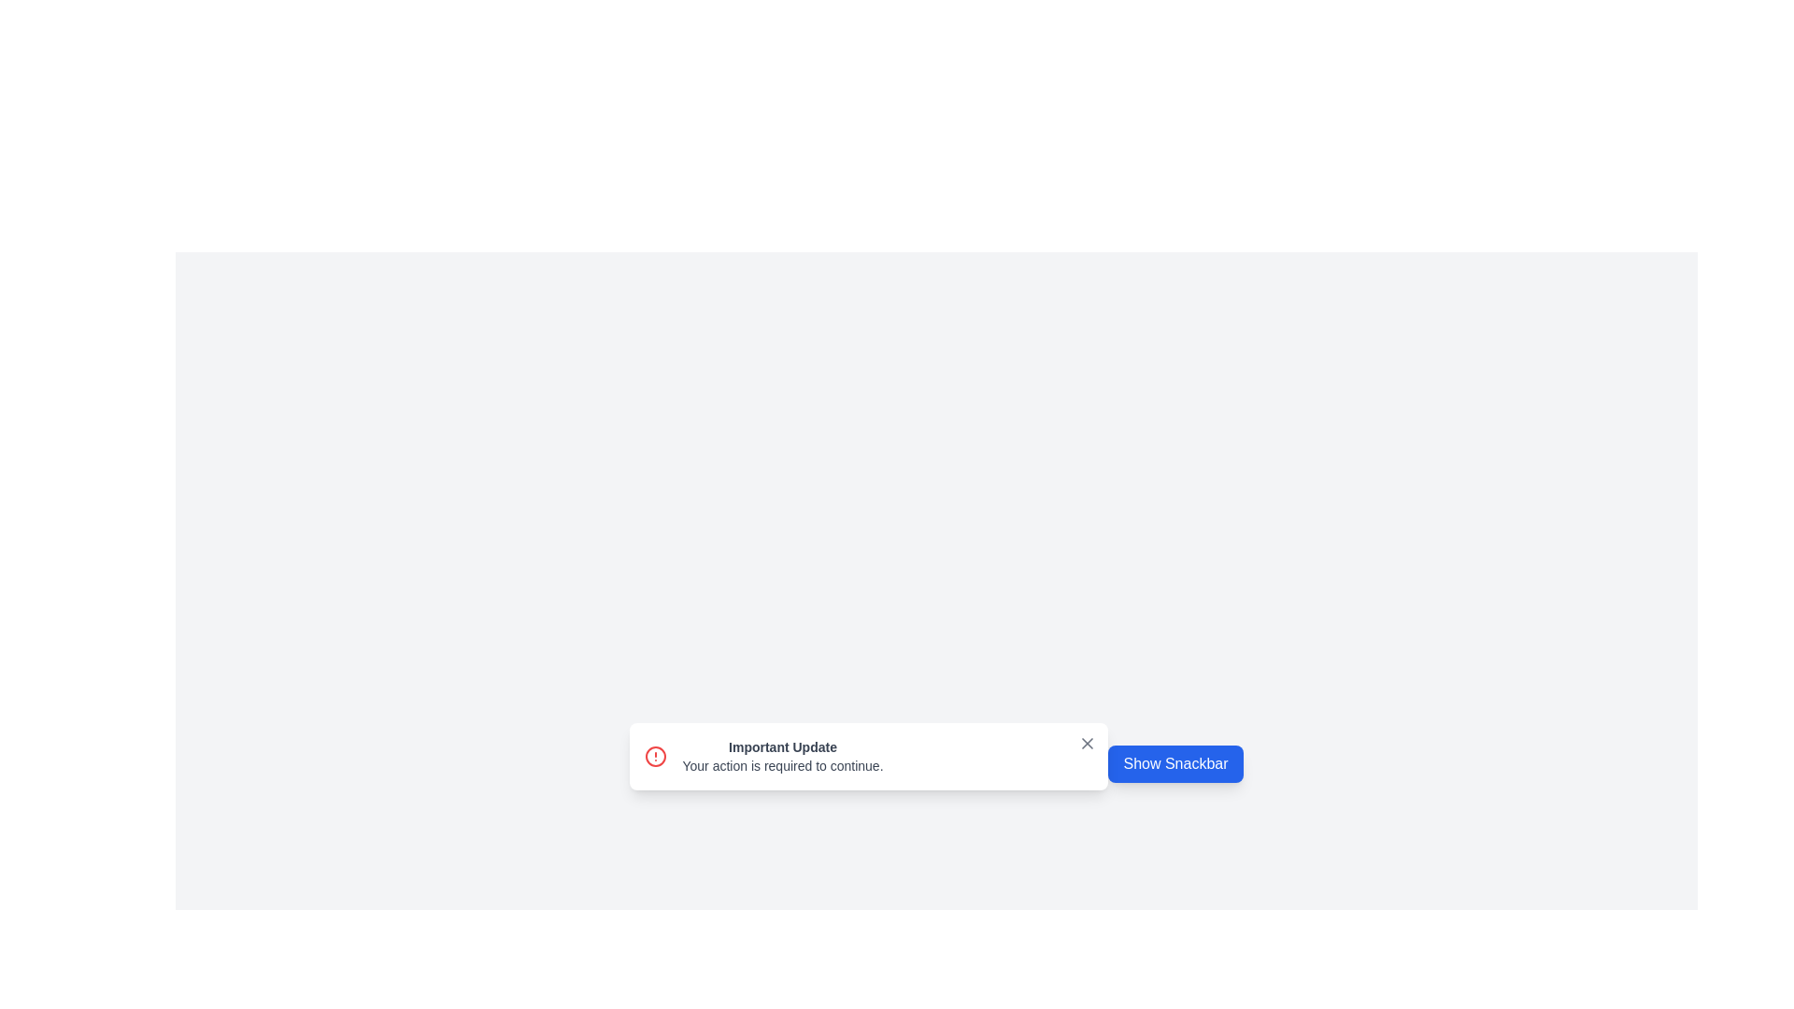 Image resolution: width=1794 pixels, height=1009 pixels. What do you see at coordinates (1088, 742) in the screenshot?
I see `close button to dismiss the snackbar` at bounding box center [1088, 742].